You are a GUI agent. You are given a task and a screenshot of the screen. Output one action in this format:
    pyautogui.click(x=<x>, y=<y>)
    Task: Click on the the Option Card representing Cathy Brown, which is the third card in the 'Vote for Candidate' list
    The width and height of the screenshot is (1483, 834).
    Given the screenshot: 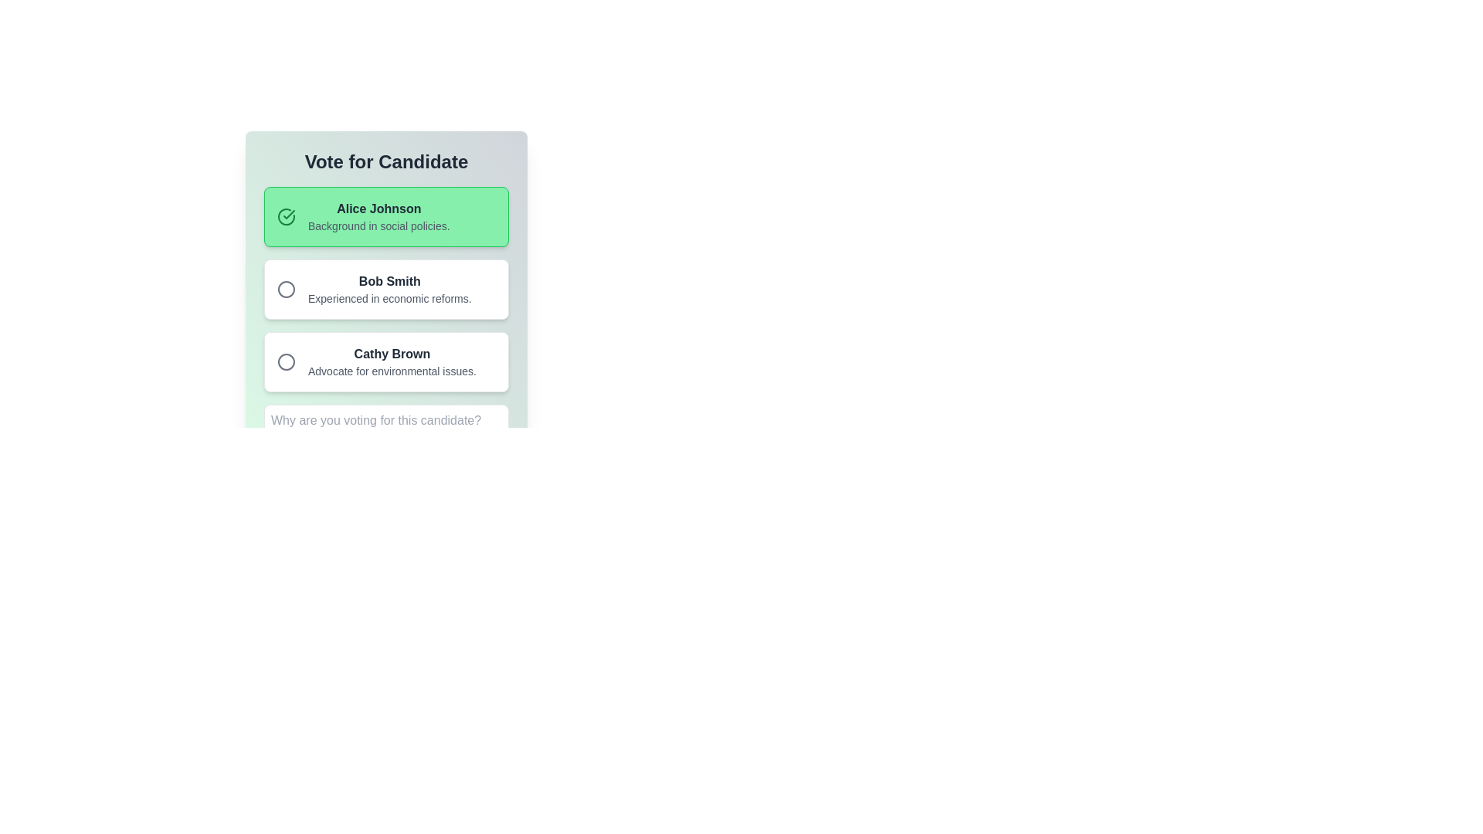 What is the action you would take?
    pyautogui.click(x=386, y=362)
    